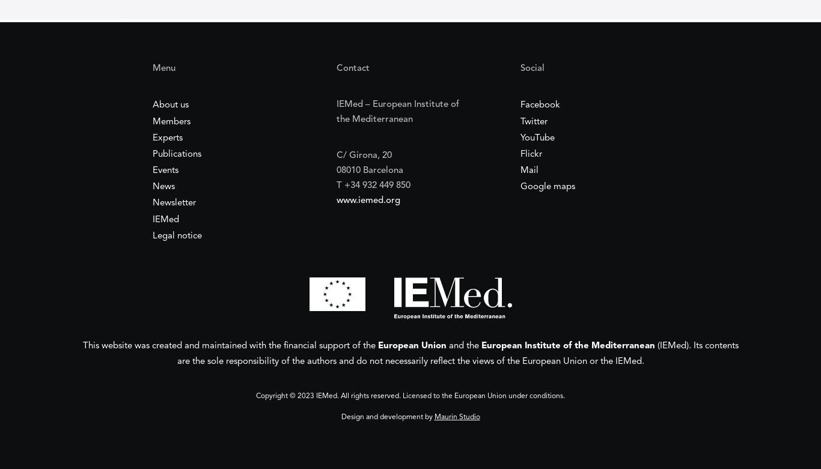 Image resolution: width=821 pixels, height=469 pixels. Describe the element at coordinates (373, 119) in the screenshot. I see `'the Mediterranean'` at that location.